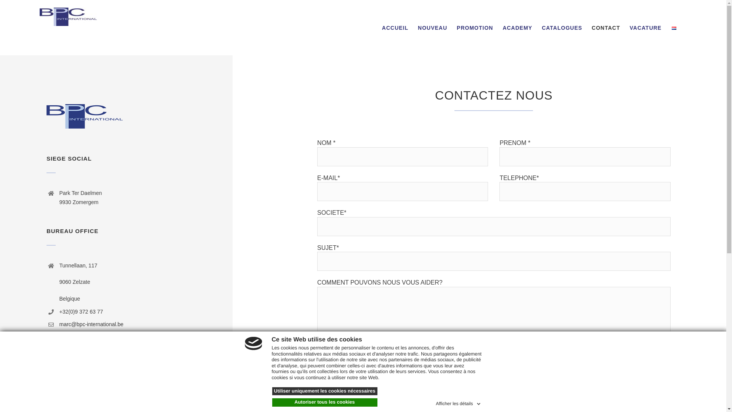 The height and width of the screenshot is (412, 732). I want to click on 'CONTACT', so click(605, 27).